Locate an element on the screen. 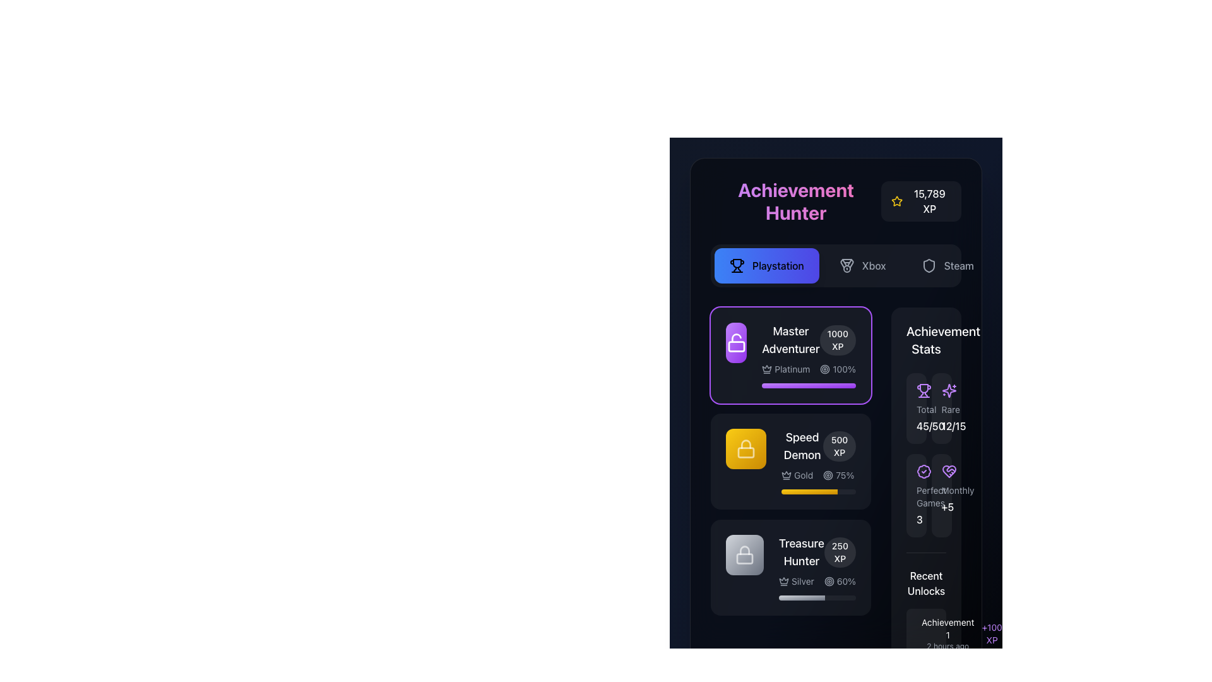 This screenshot has width=1212, height=682. the outer SVG Circle representing the target symbol, located near the 'Achievement Stats' section on the right side of the interface is located at coordinates (825, 369).